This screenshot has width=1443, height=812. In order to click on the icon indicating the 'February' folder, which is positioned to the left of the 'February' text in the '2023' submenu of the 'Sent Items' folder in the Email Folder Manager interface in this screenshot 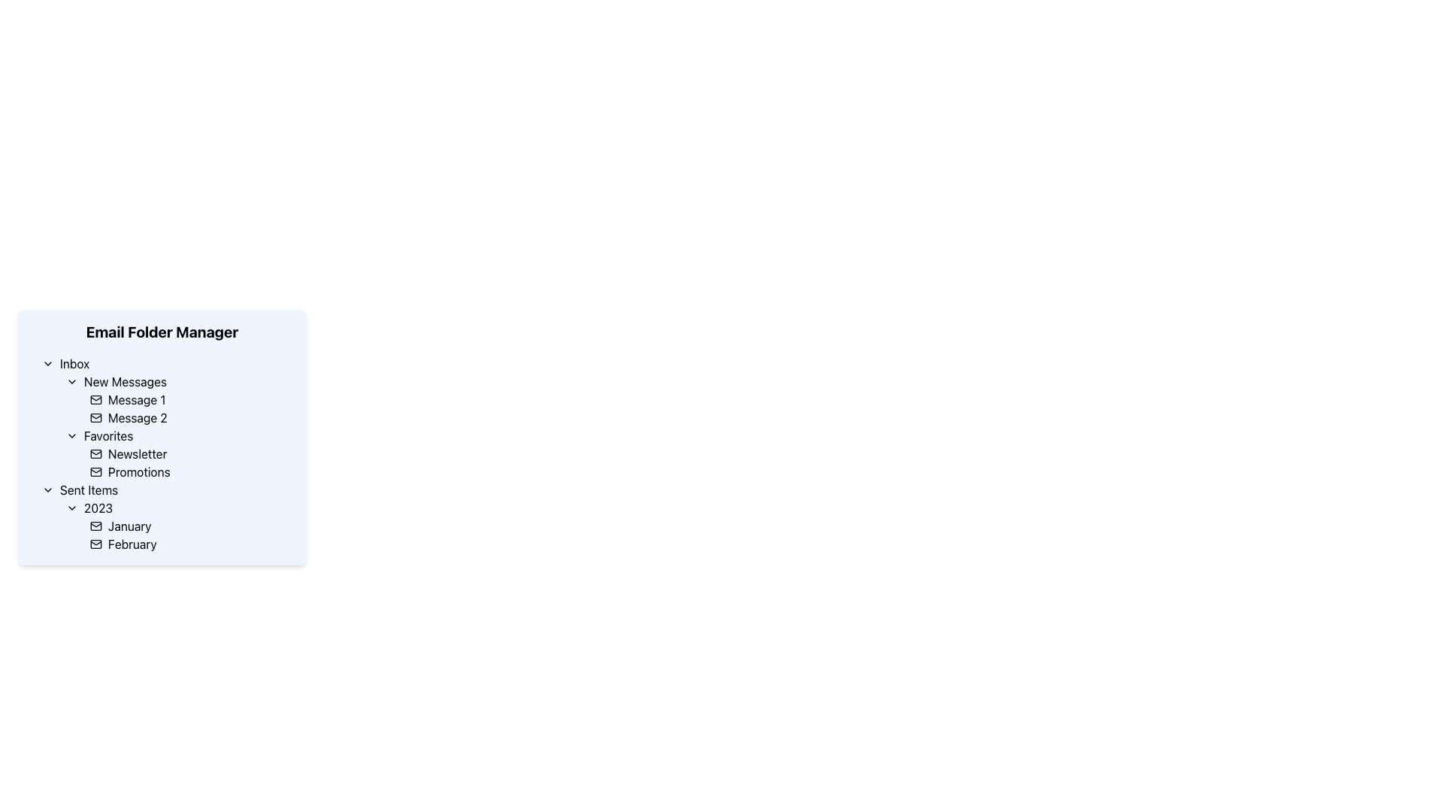, I will do `click(95, 544)`.